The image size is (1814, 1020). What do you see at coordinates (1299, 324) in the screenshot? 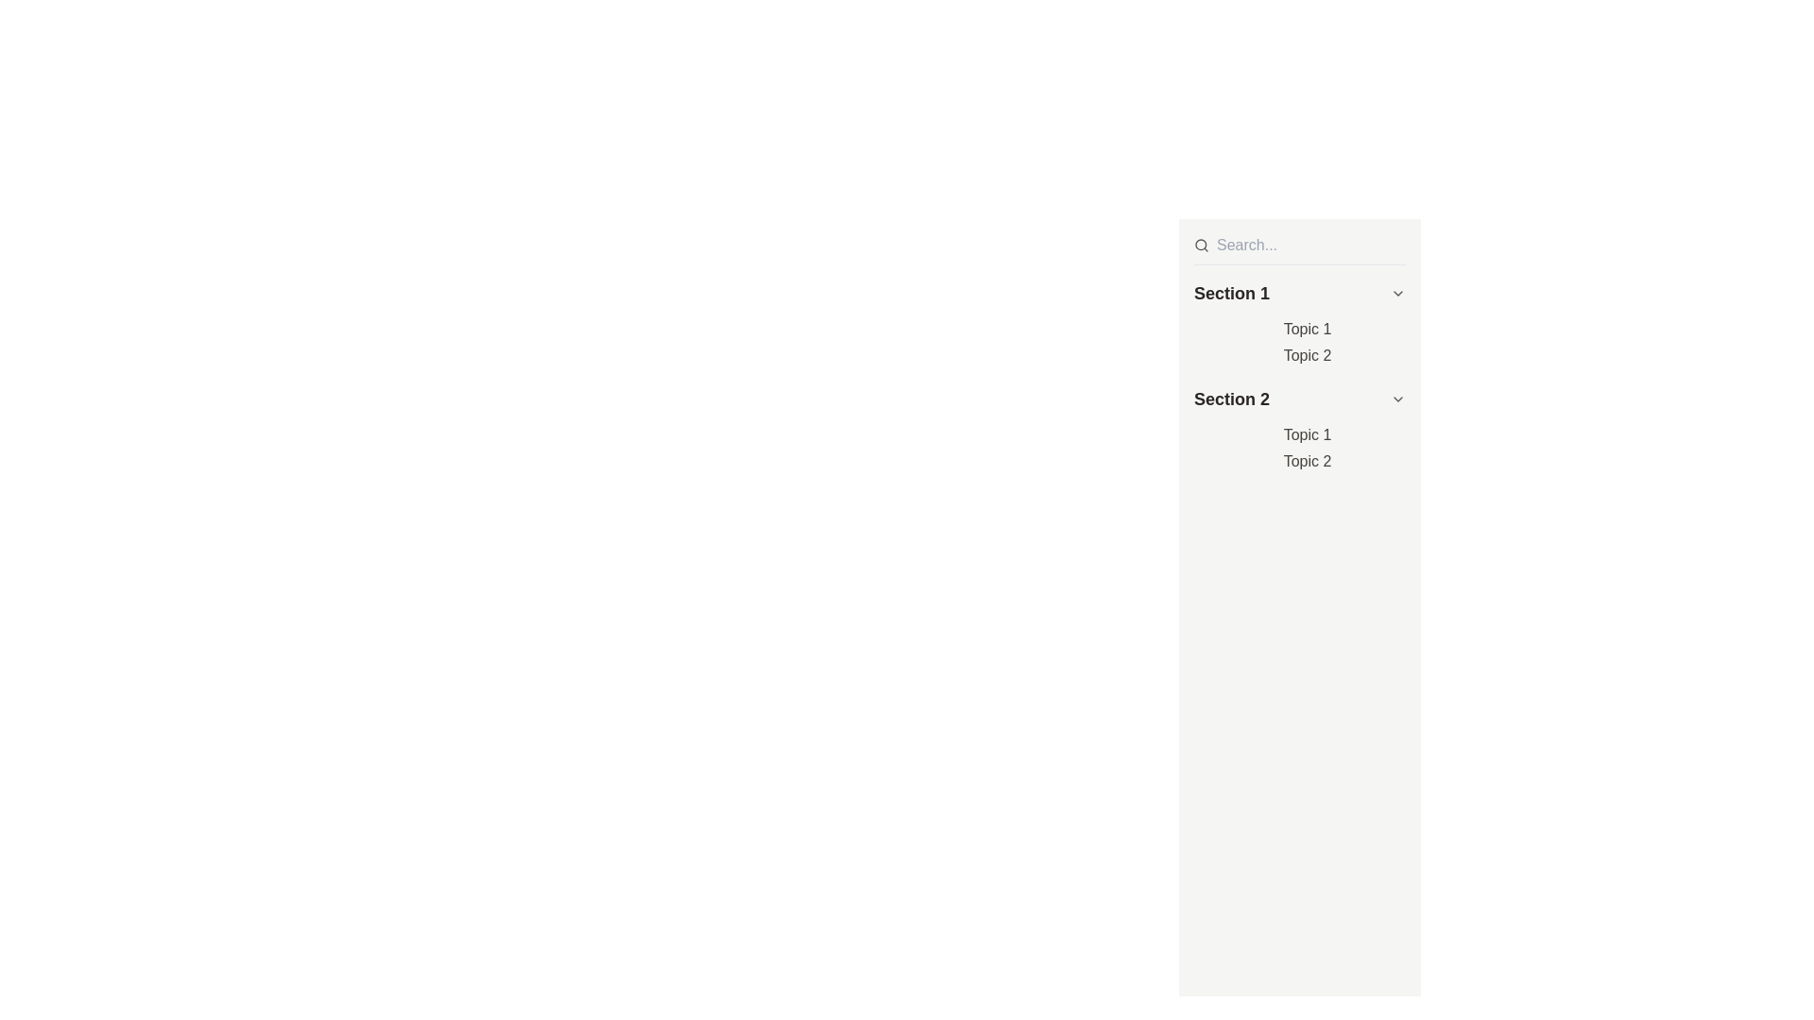
I see `the 'Section 1' collapsible header` at bounding box center [1299, 324].